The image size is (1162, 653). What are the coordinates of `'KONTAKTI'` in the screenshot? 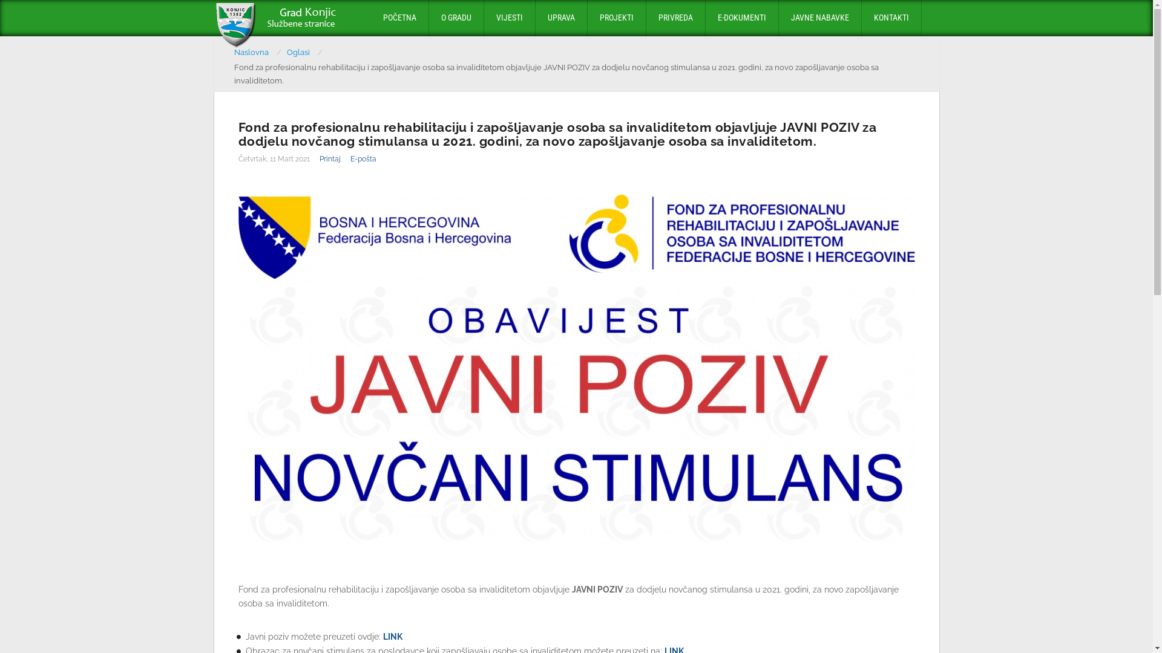 It's located at (891, 18).